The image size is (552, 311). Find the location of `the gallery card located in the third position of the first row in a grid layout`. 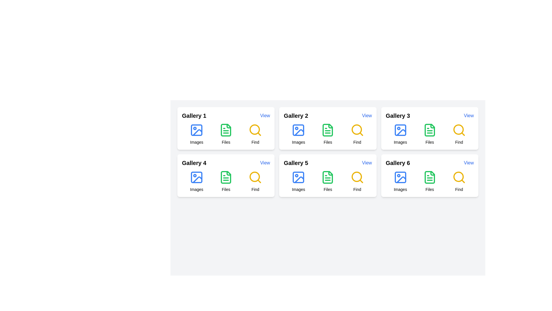

the gallery card located in the third position of the first row in a grid layout is located at coordinates (430, 128).